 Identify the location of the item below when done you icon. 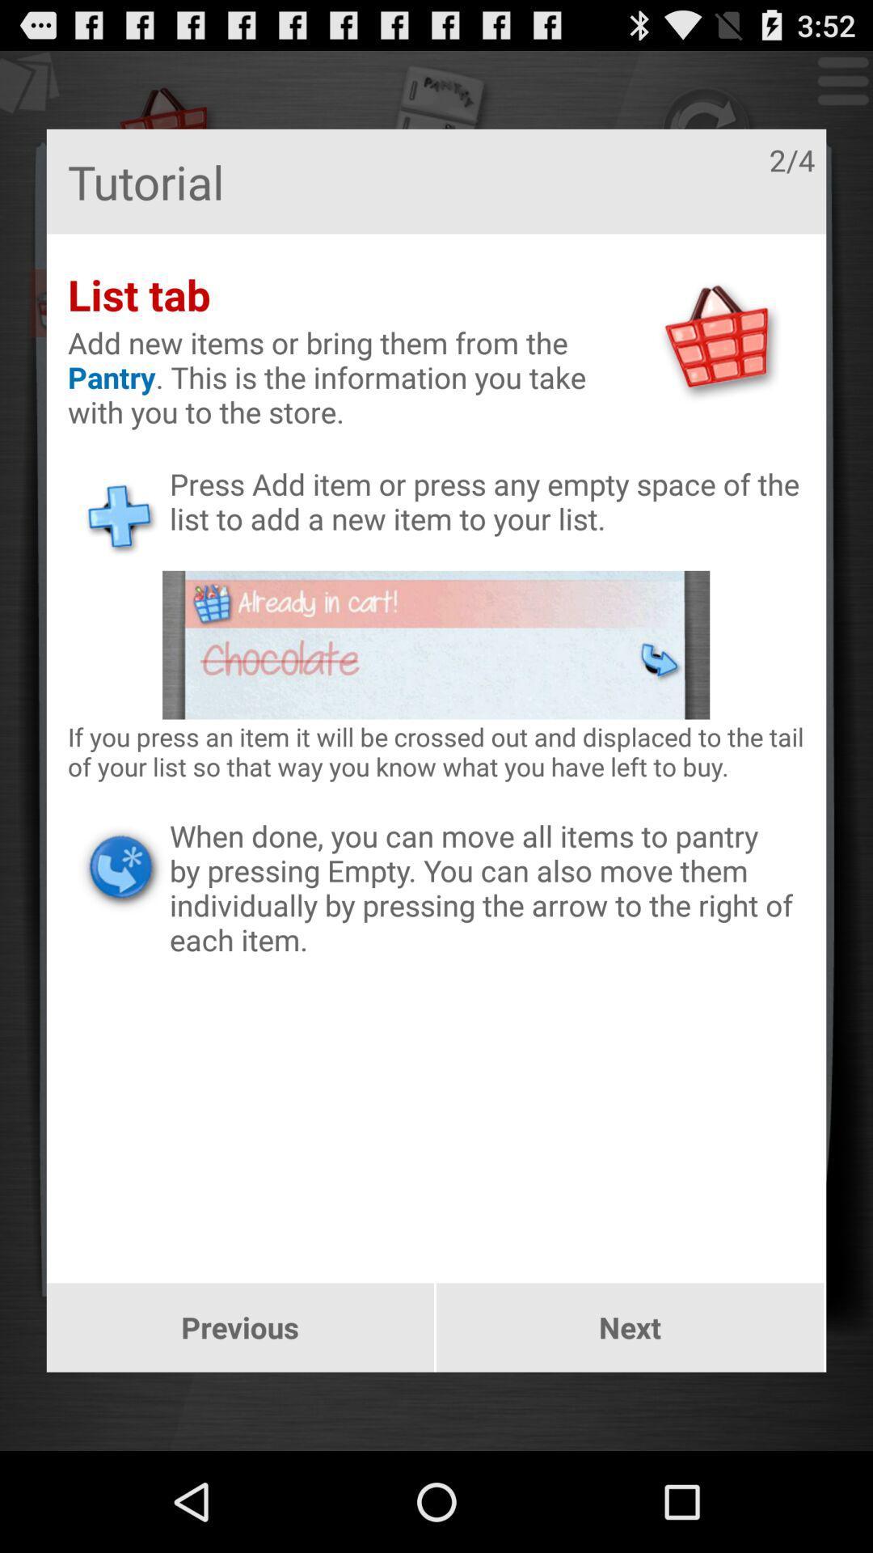
(240, 1327).